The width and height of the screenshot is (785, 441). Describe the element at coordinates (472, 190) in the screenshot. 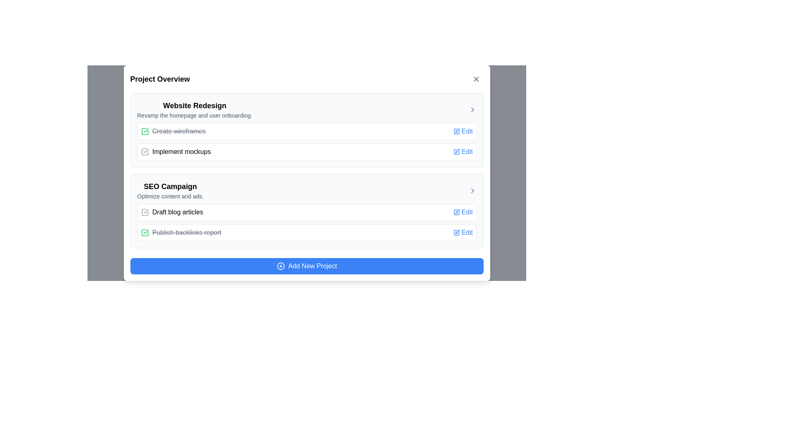

I see `the Chevron icon located at the far-right within the row associated with the 'SEO Campaign' project` at that location.